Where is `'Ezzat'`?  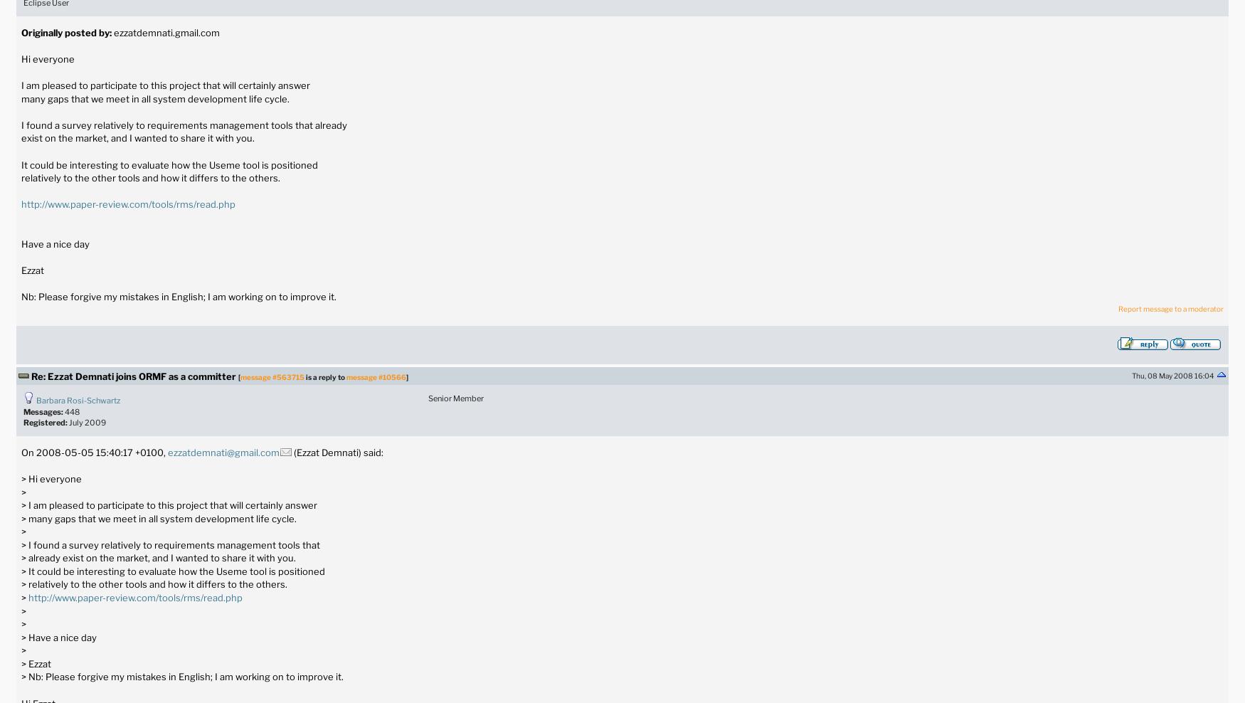
'Ezzat' is located at coordinates (31, 269).